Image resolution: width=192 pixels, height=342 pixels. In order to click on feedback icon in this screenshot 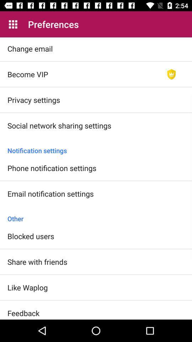, I will do `click(23, 312)`.